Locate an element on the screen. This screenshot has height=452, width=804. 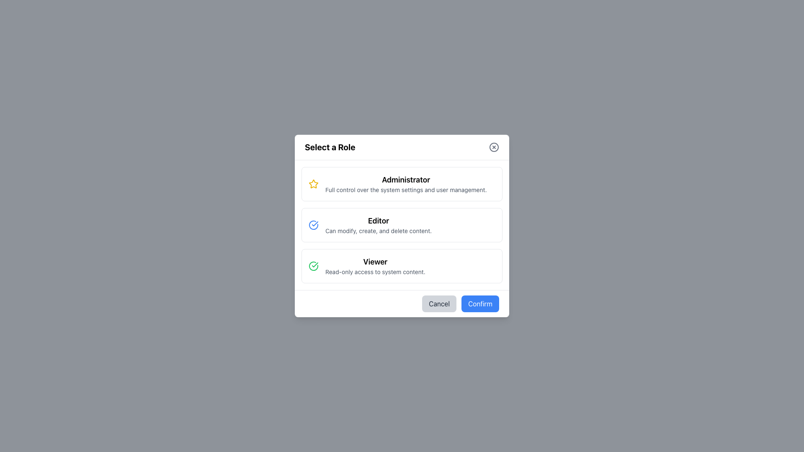
the Close Button located in the top-right corner of the 'Select a Role' dialog to observe any hover effects is located at coordinates (494, 146).